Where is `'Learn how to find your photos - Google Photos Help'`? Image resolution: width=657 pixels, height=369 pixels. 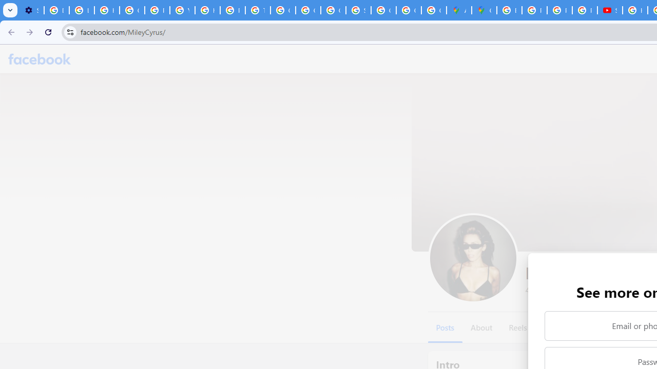
'Learn how to find your photos - Google Photos Help' is located at coordinates (81, 10).